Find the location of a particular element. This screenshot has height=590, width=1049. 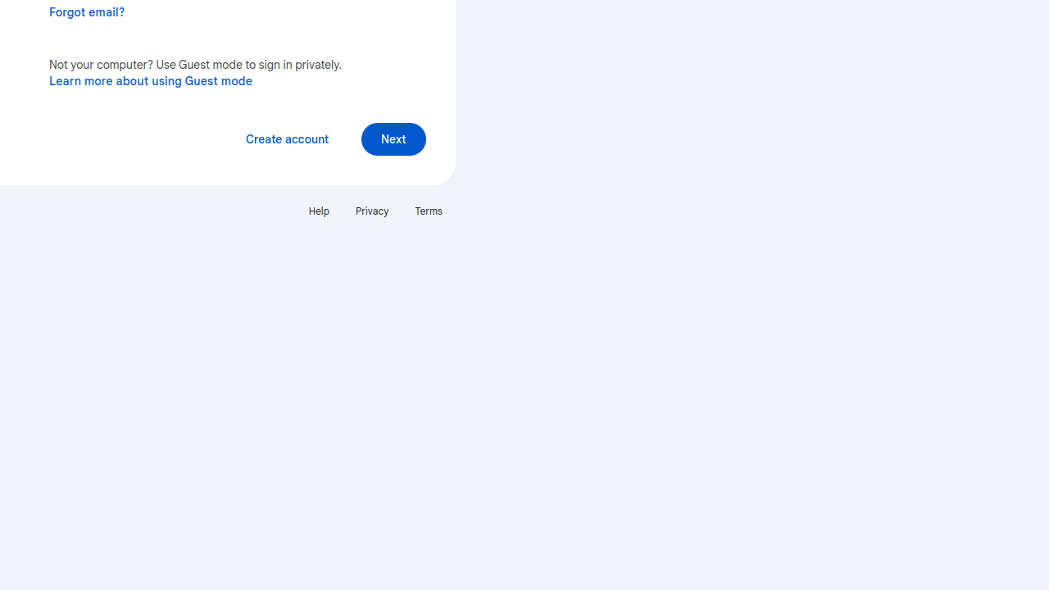

'Next' is located at coordinates (393, 138).